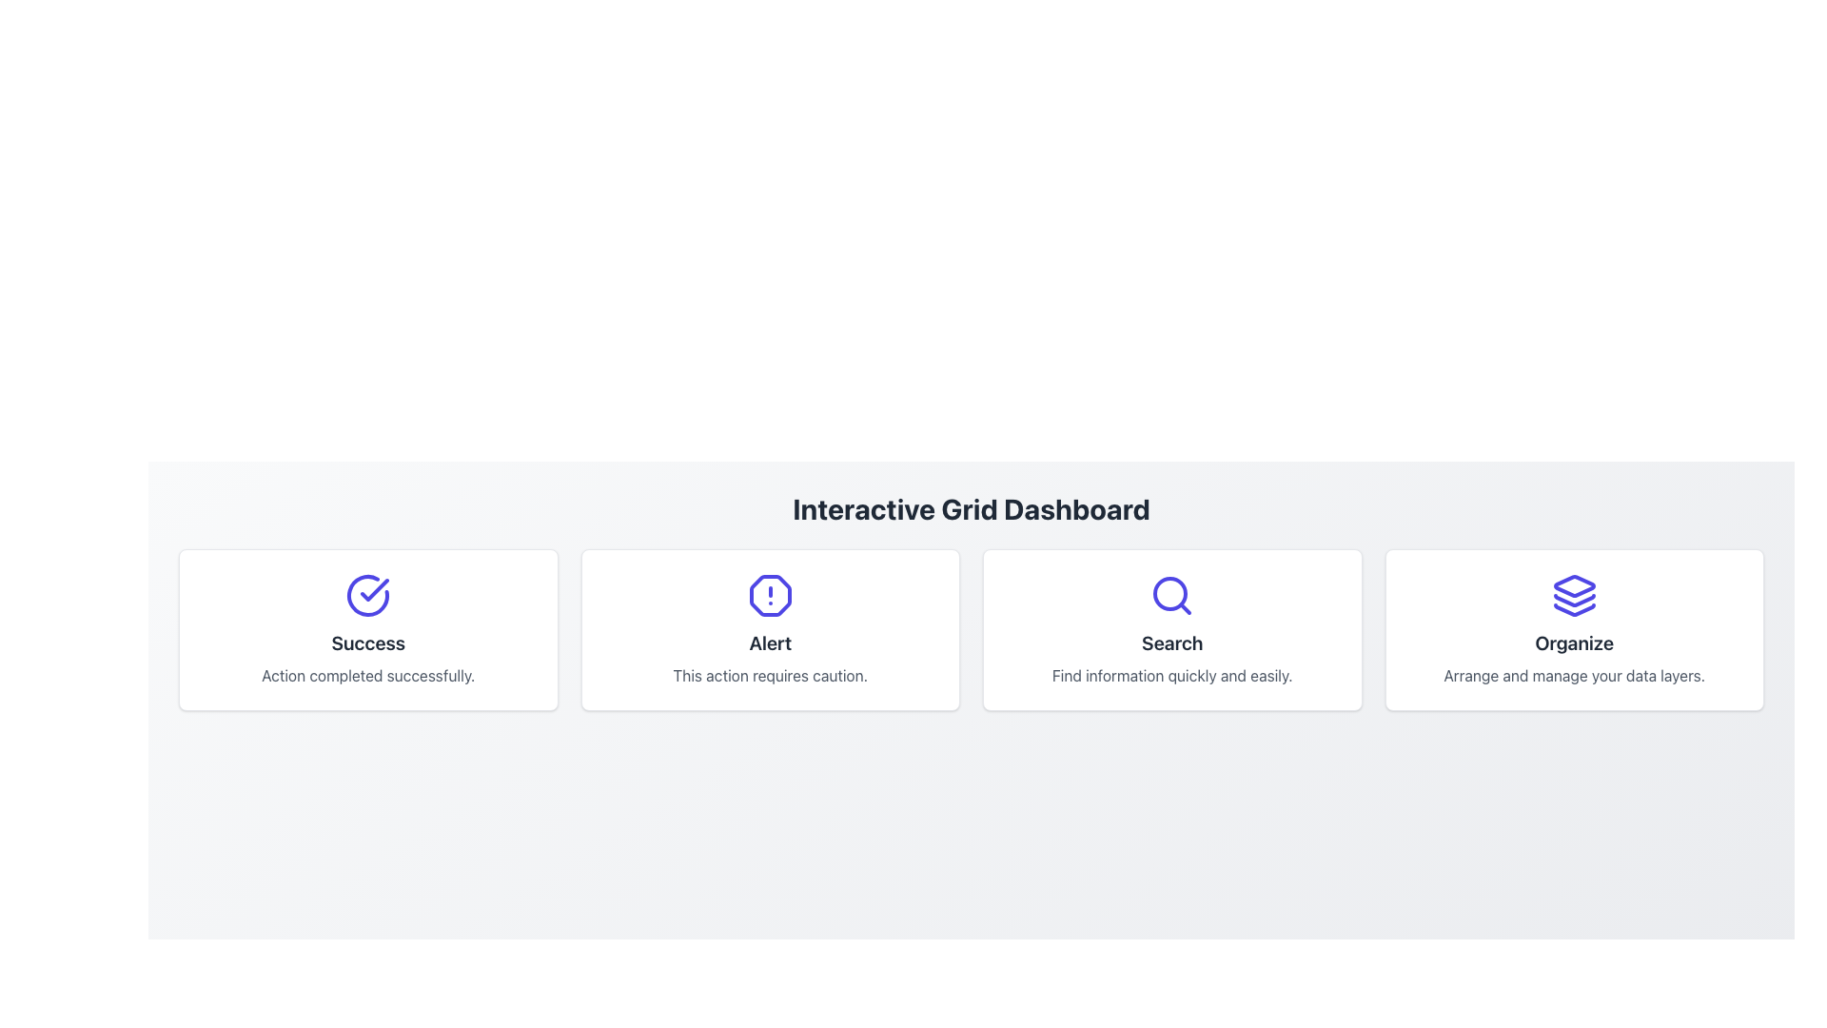  Describe the element at coordinates (1574, 601) in the screenshot. I see `middle layer of the stack icon within the 'Organize' section, located at the bottom right corner of the interface` at that location.